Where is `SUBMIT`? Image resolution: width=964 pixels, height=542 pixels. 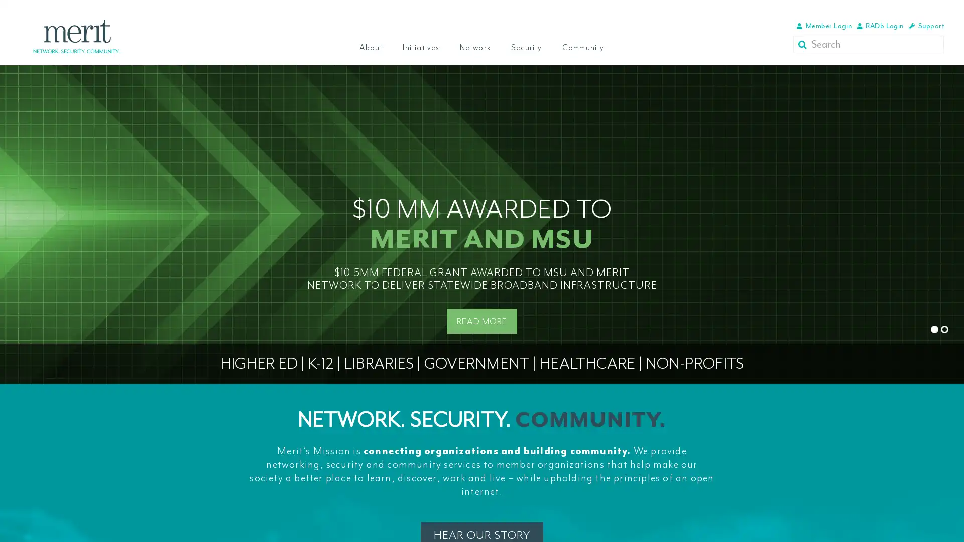
SUBMIT is located at coordinates (804, 44).